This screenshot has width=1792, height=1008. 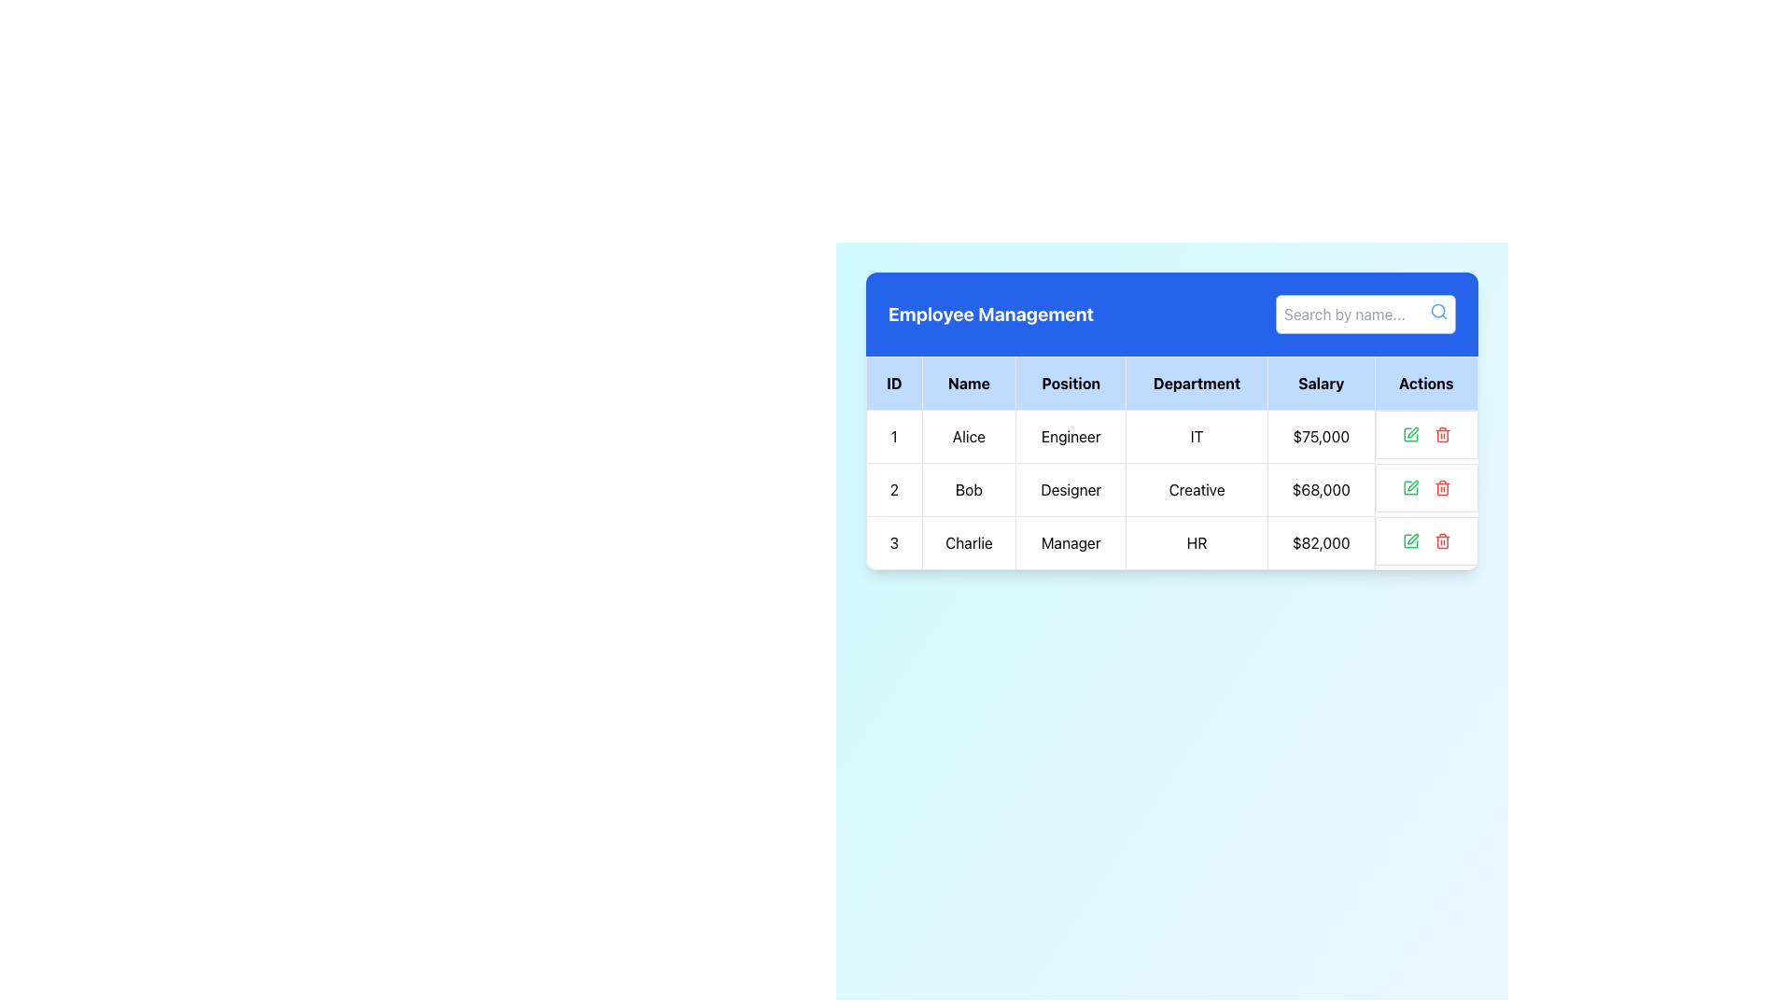 I want to click on the table cell containing the text 'HR', which is located in the fourth column of the third row, under the column labeled 'Department', so click(x=1197, y=543).